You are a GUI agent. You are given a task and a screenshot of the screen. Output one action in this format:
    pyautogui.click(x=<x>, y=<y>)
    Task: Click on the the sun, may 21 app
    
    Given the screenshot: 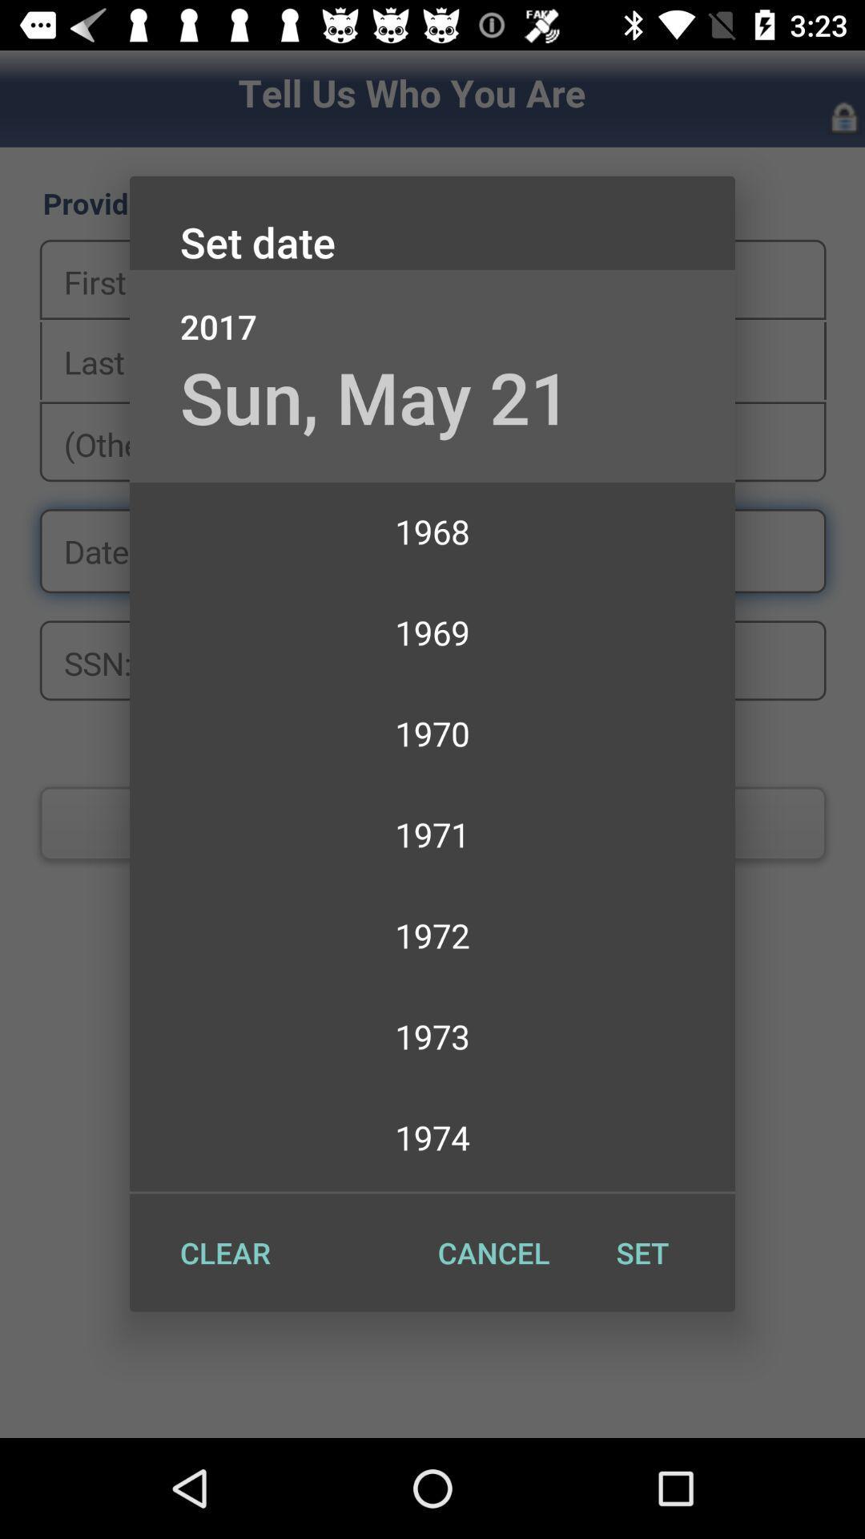 What is the action you would take?
    pyautogui.click(x=376, y=397)
    